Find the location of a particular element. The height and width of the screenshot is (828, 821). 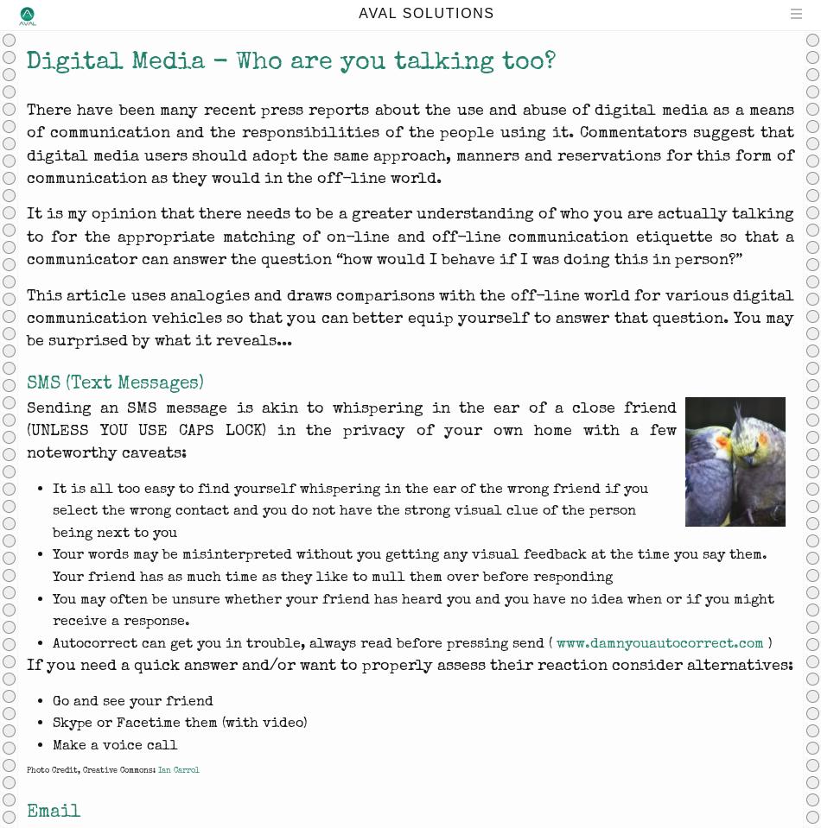

'It is my opinion that there needs to be a greater understanding of who you are actually talking to for the appropriate matching of on-line and off-line communication etiquette so that a communicator can answer the question “how would I behave if I was doing this in person?”' is located at coordinates (26, 236).